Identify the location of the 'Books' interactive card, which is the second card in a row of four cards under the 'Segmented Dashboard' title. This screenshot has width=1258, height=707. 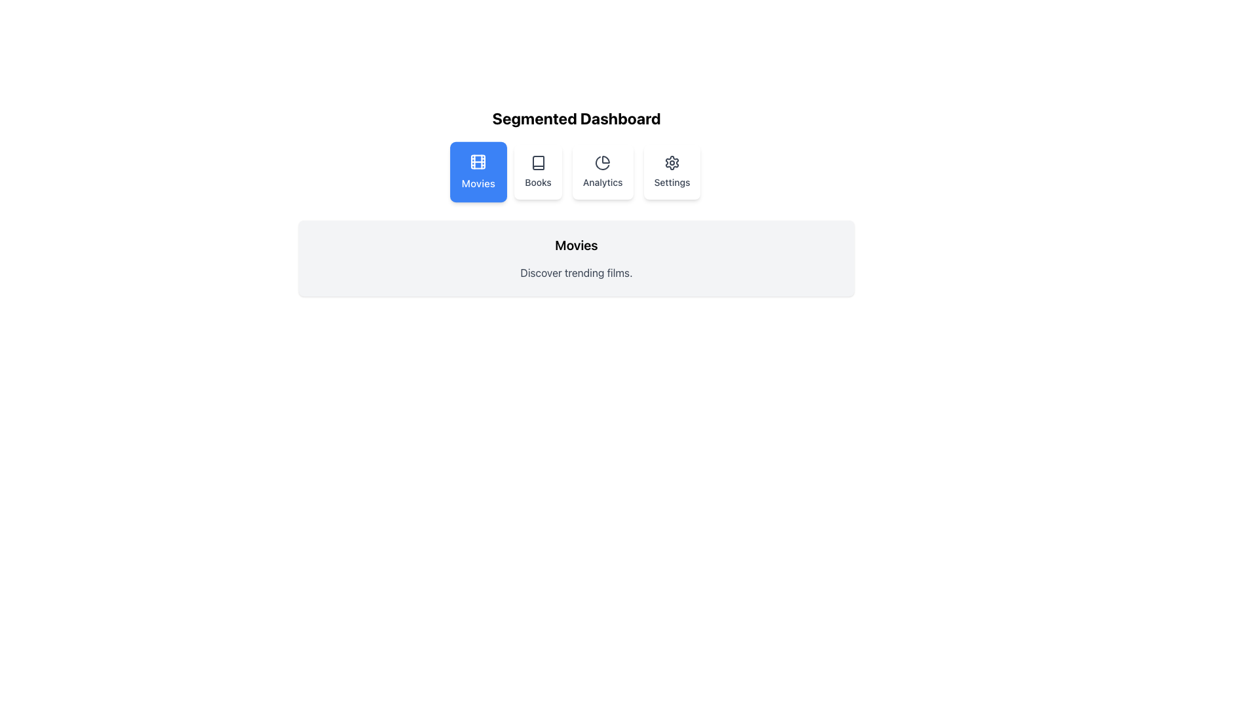
(538, 171).